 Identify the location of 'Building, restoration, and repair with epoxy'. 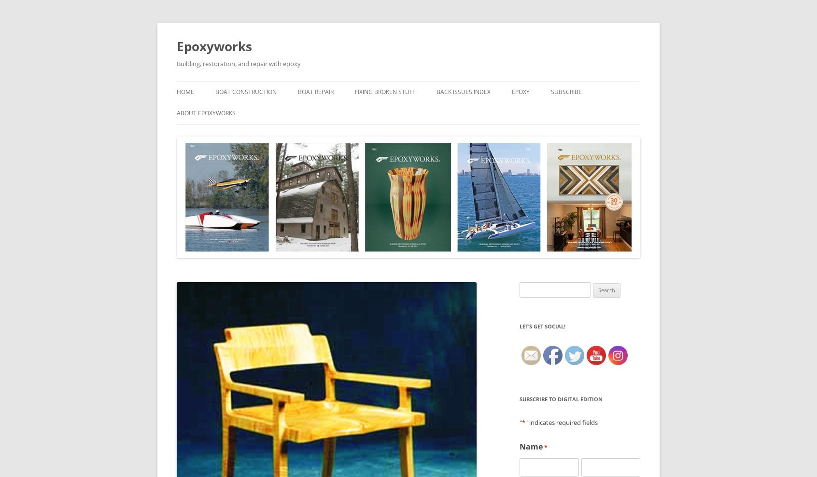
(239, 63).